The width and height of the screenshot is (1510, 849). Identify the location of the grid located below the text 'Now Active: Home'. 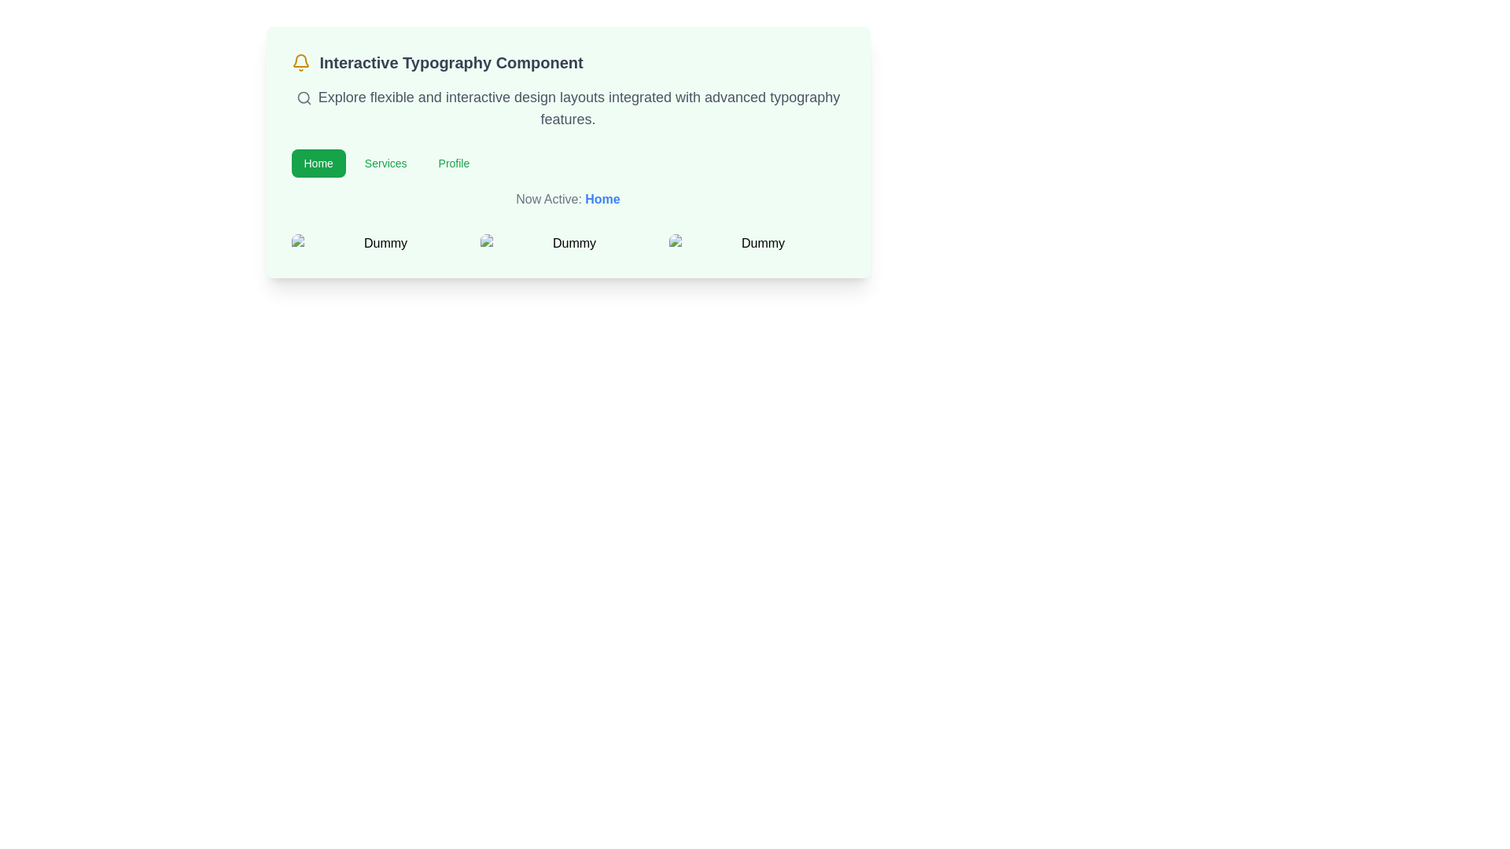
(567, 243).